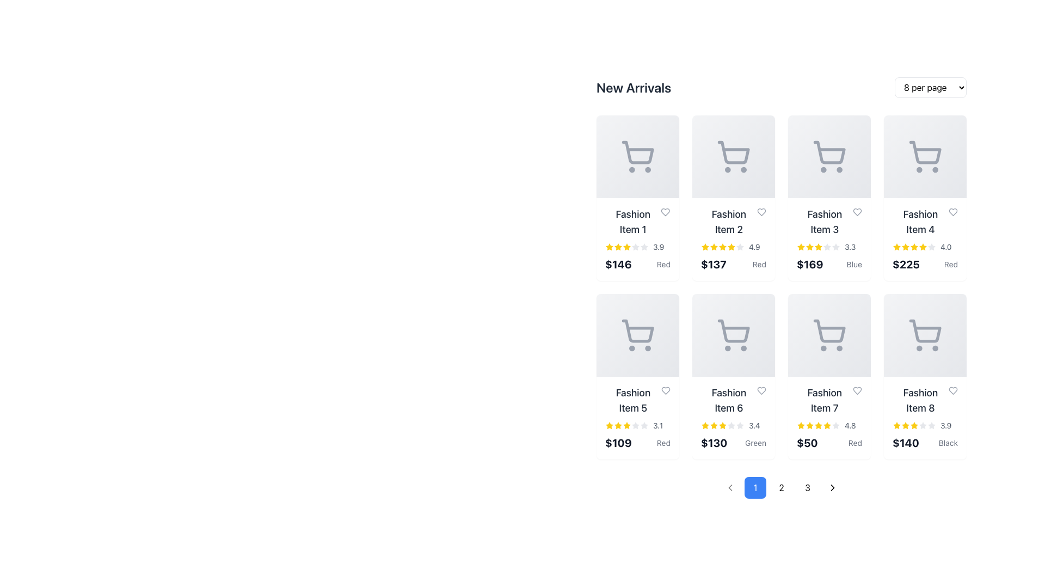 The image size is (1045, 588). Describe the element at coordinates (705, 425) in the screenshot. I see `visually filled yellow star icon representing the rating for 'Fashion Item 6', located in the second row, third column of the rating component` at that location.